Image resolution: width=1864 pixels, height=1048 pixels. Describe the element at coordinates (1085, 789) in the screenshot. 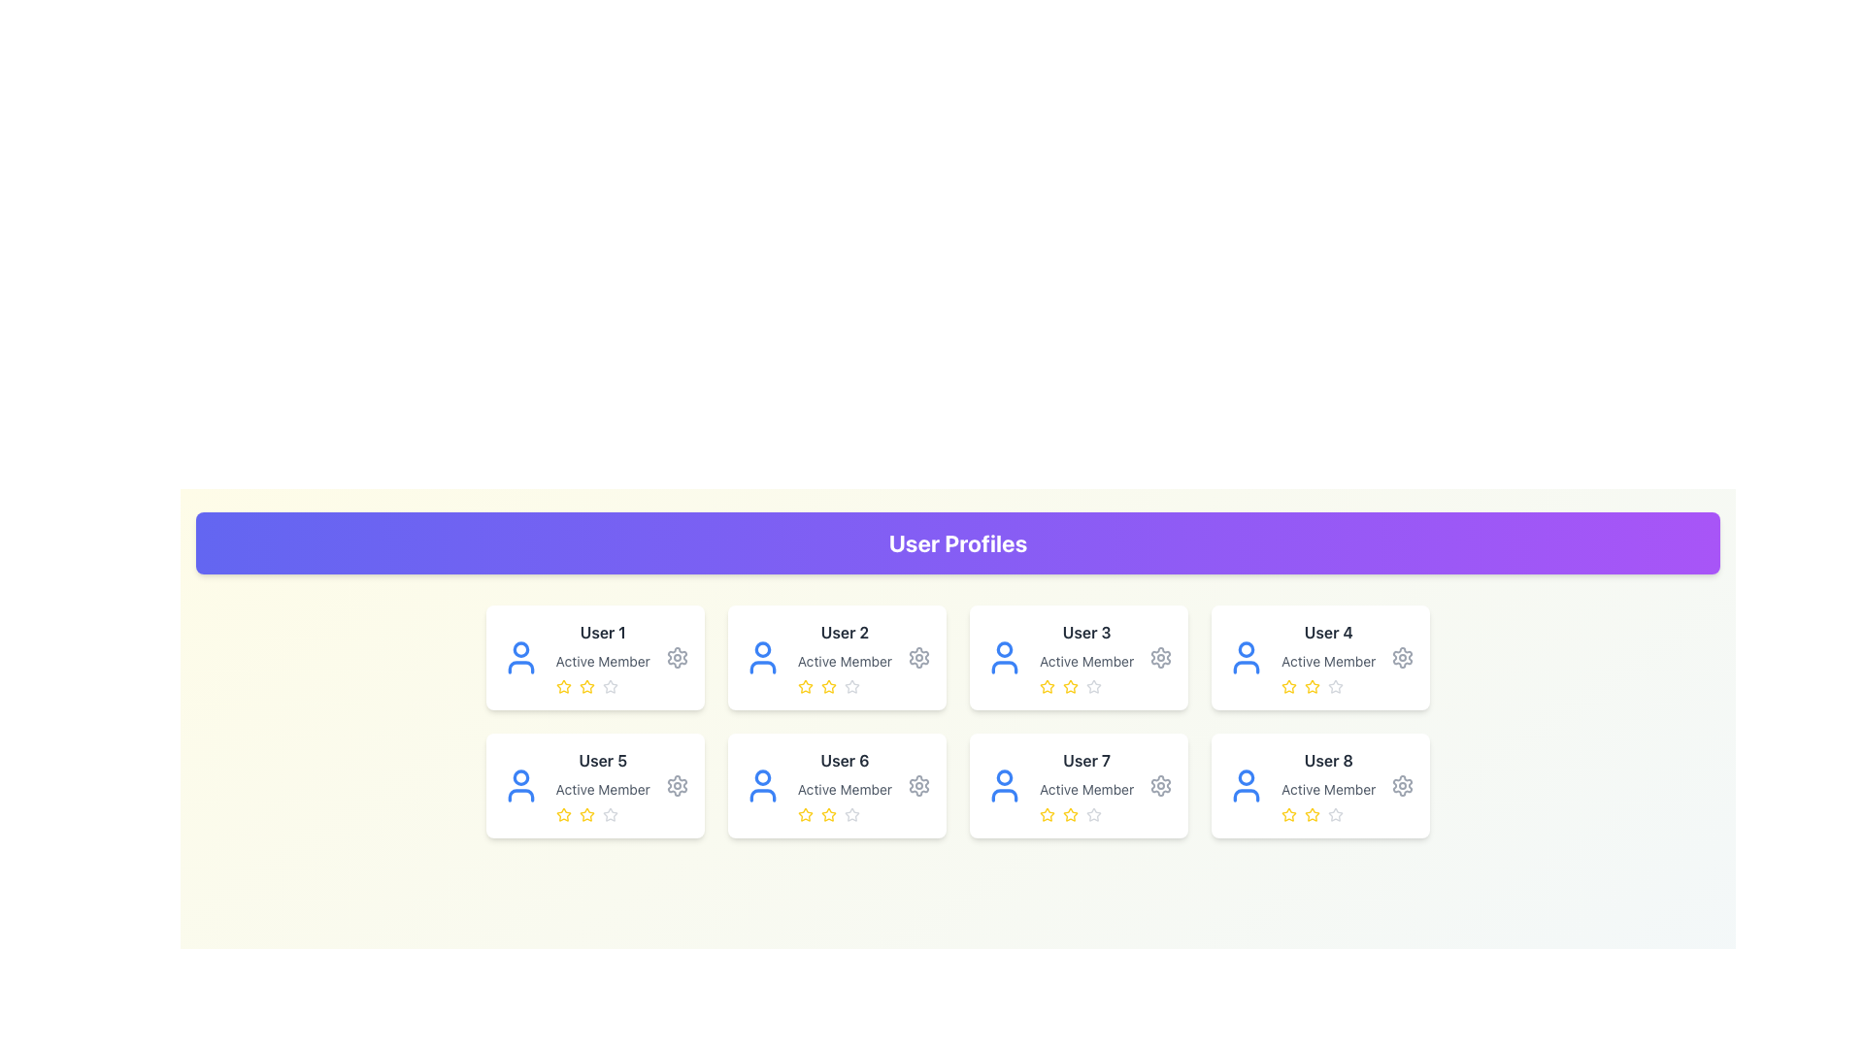

I see `the 'Active Member' text label, which is styled in light gray and positioned below the 'User 7' title in the user grid` at that location.